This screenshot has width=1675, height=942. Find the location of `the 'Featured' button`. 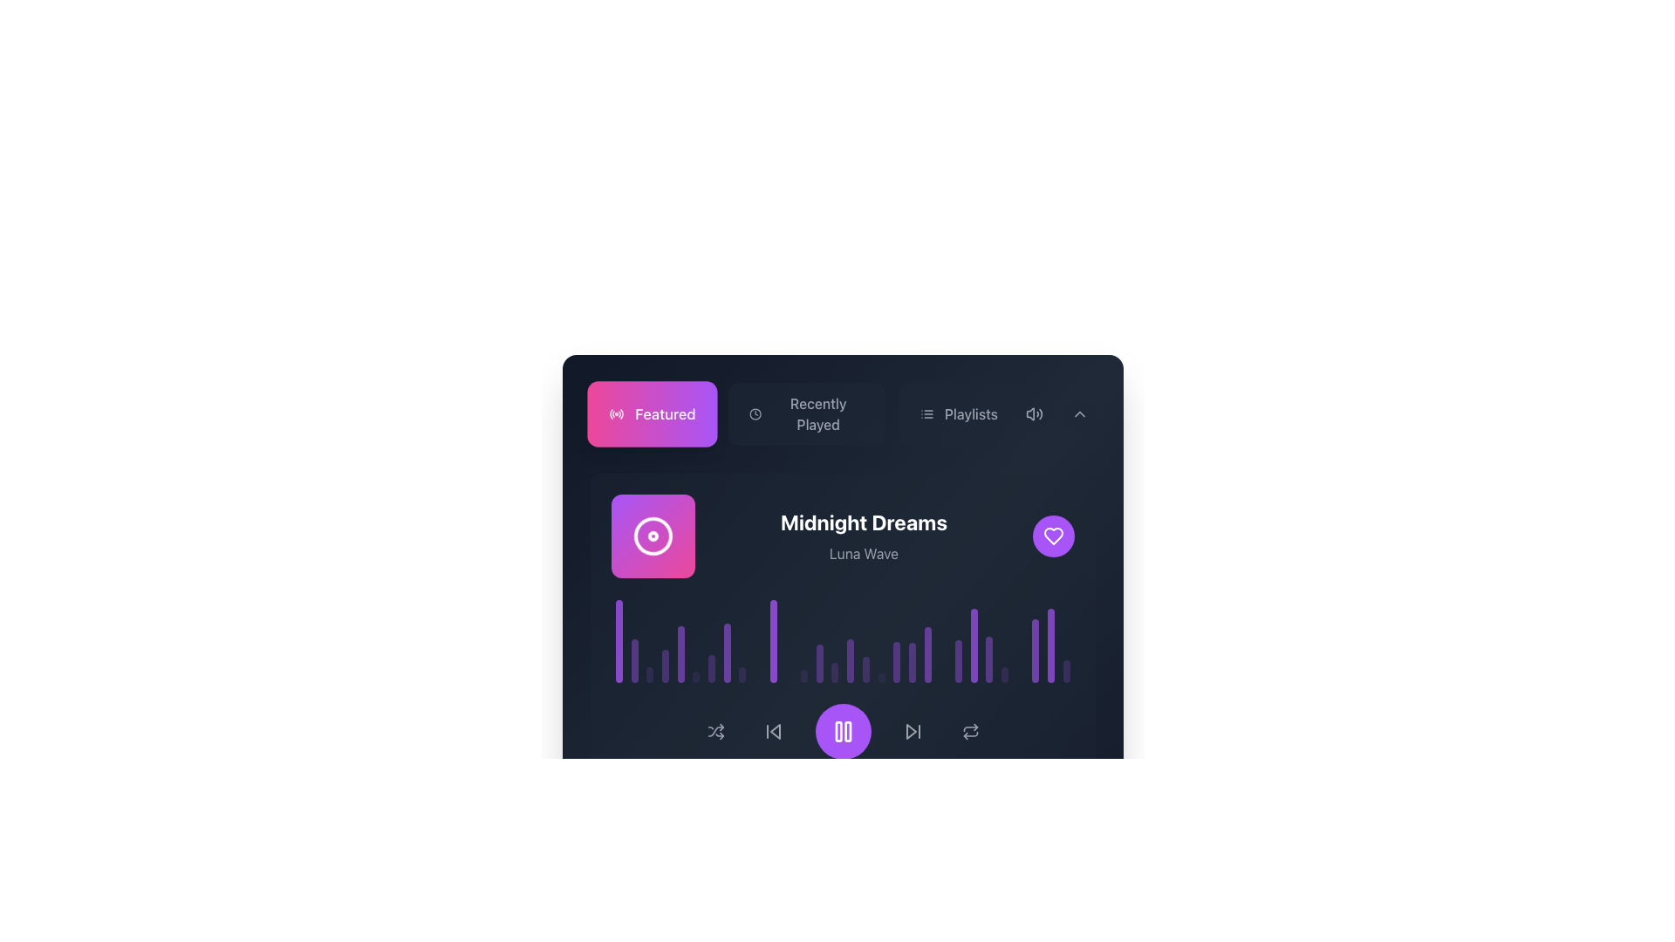

the 'Featured' button is located at coordinates (652, 413).